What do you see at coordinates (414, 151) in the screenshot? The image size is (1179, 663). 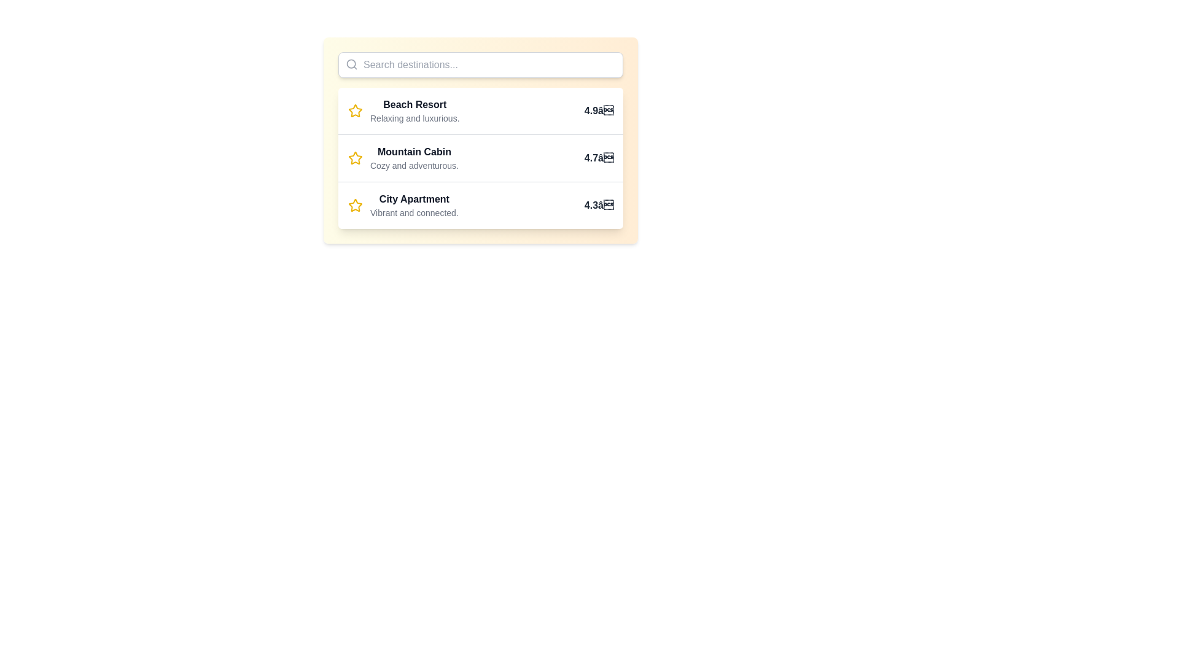 I see `the text label that identifies the property in the list, located centrally beneath the header 'Beach Resort' and above the descriptor 'Cozy and adventurous.'` at bounding box center [414, 151].